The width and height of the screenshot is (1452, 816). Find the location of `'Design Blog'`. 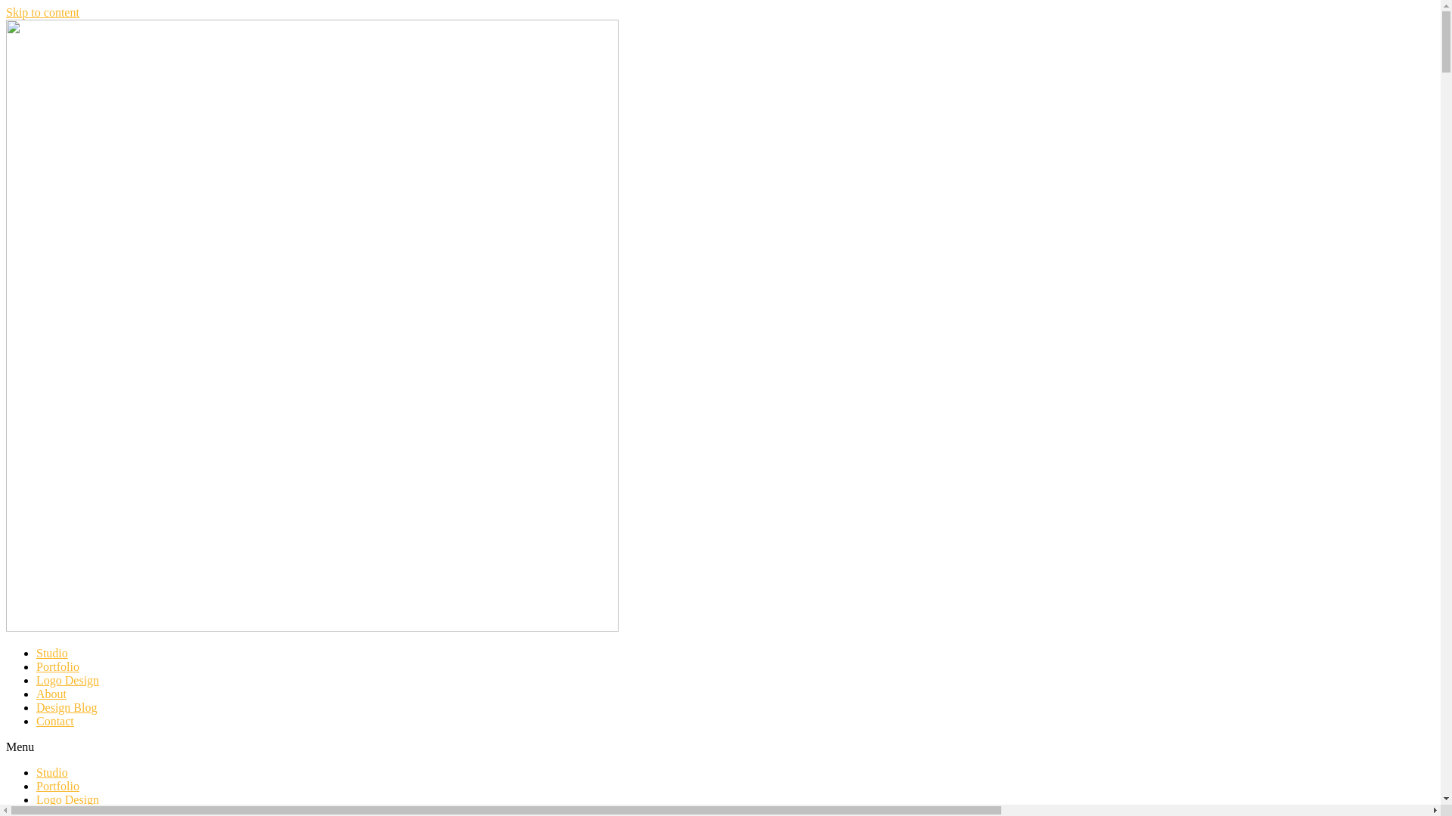

'Design Blog' is located at coordinates (65, 707).